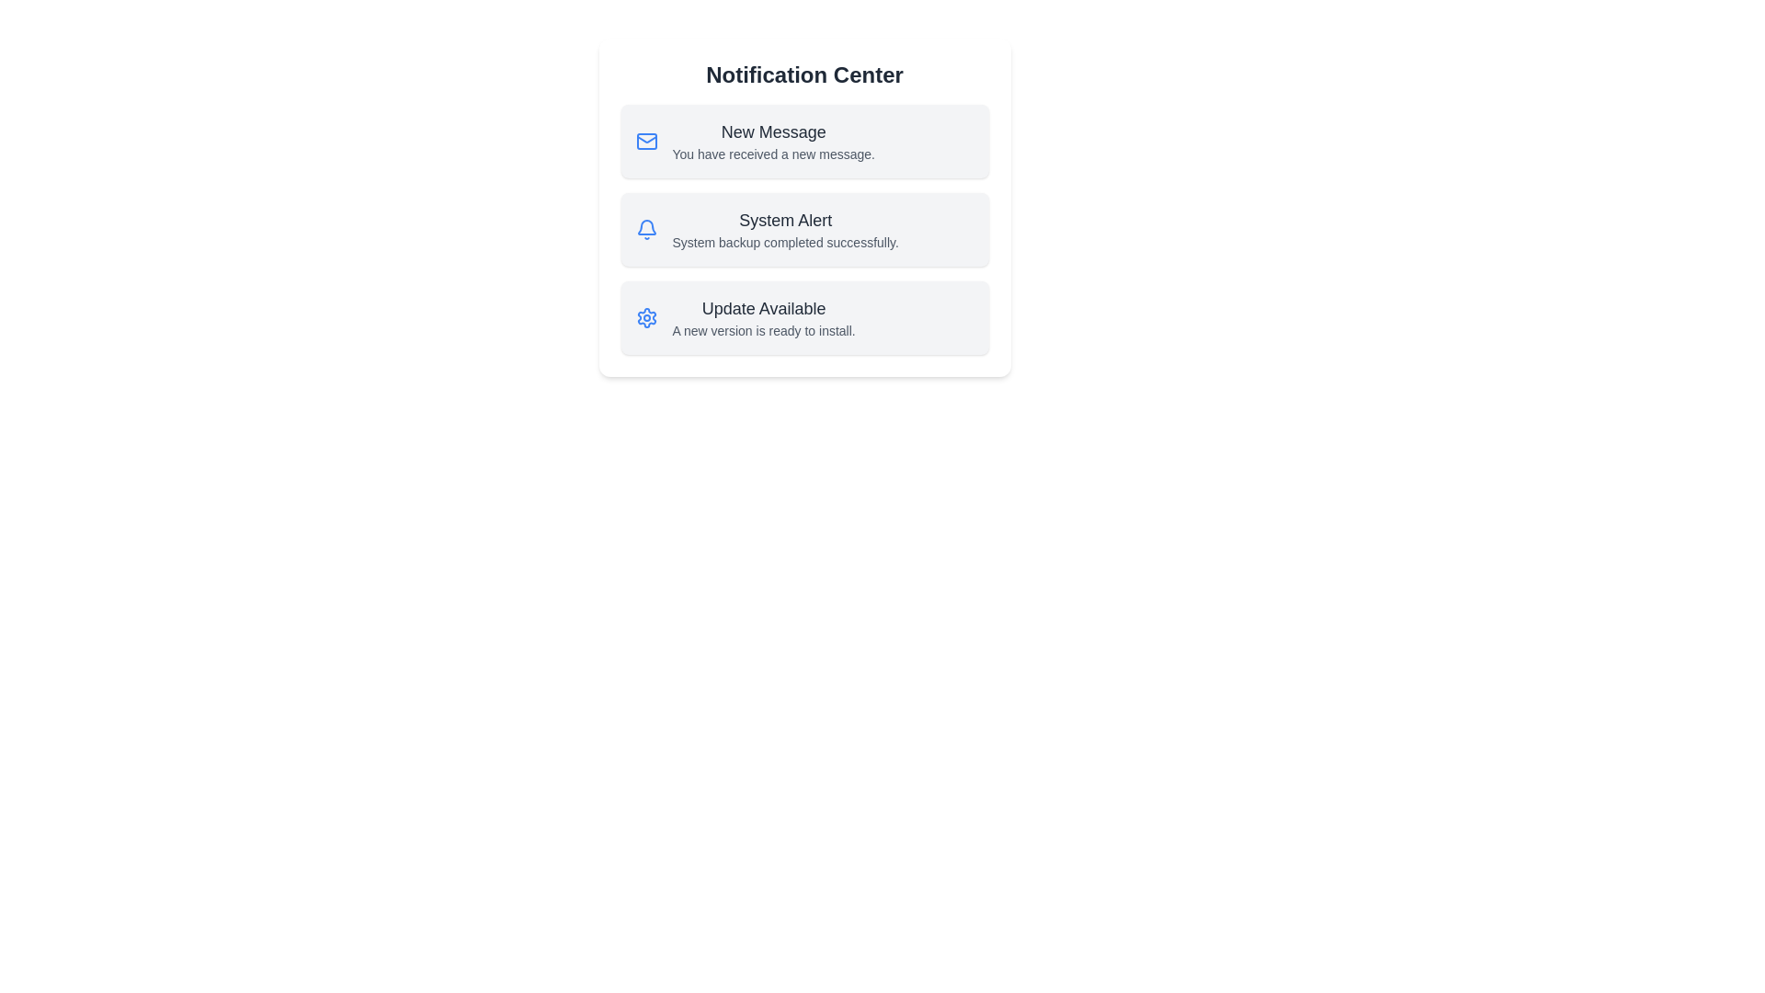 Image resolution: width=1765 pixels, height=993 pixels. What do you see at coordinates (785, 219) in the screenshot?
I see `the 'System Alert' text label displayed in bold and dark gray color within the notification center, positioned above the description text and below the bell icon` at bounding box center [785, 219].